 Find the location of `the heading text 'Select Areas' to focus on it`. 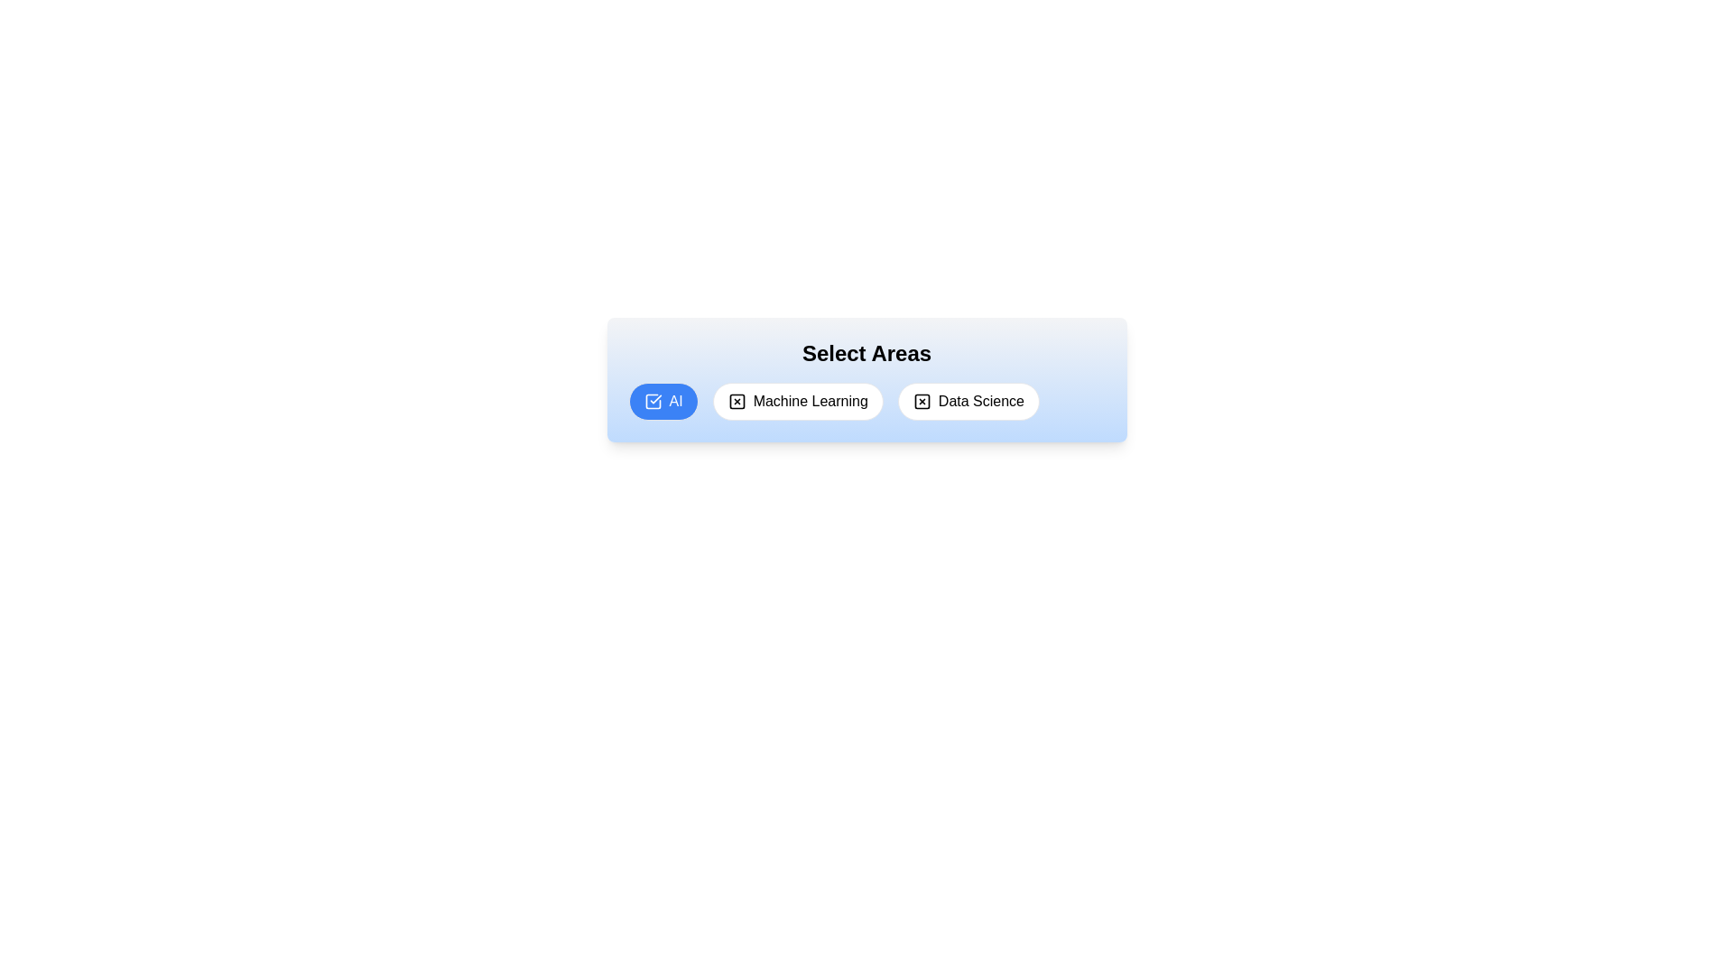

the heading text 'Select Areas' to focus on it is located at coordinates (866, 354).